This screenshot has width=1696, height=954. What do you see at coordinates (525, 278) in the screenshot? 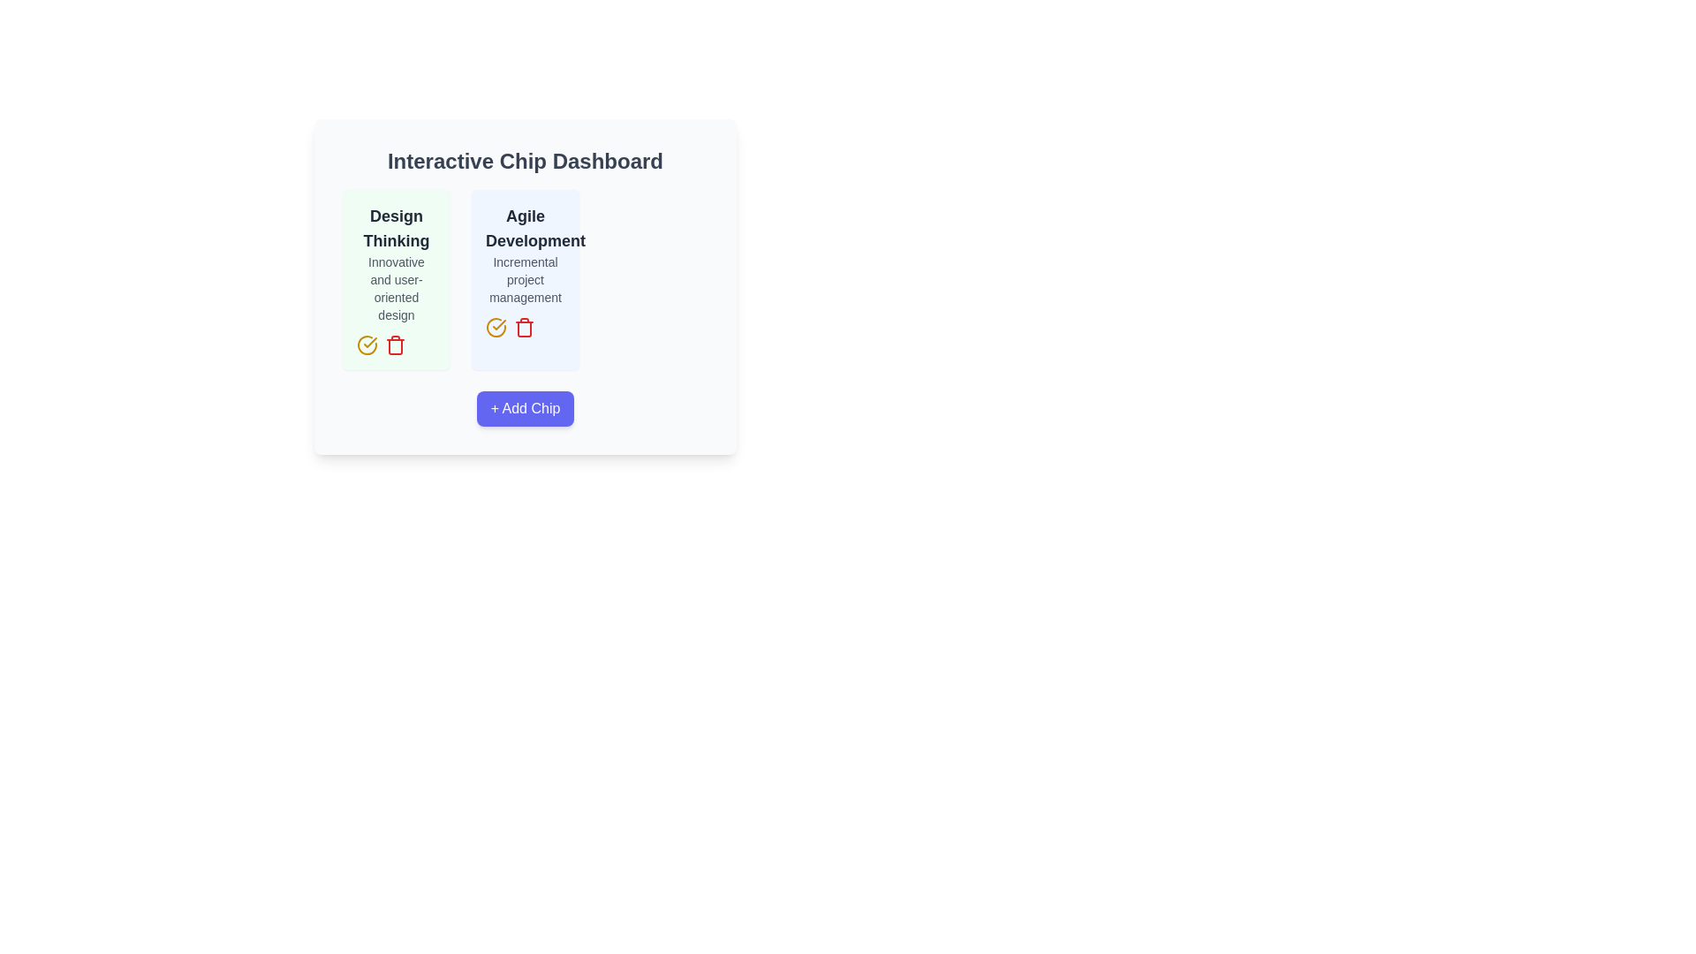
I see `the Text Block that provides additional information about the 'Agile Development' concept, located directly below the 'Agile Development' title in the second card of the Interactive Chip Dashboard` at bounding box center [525, 278].